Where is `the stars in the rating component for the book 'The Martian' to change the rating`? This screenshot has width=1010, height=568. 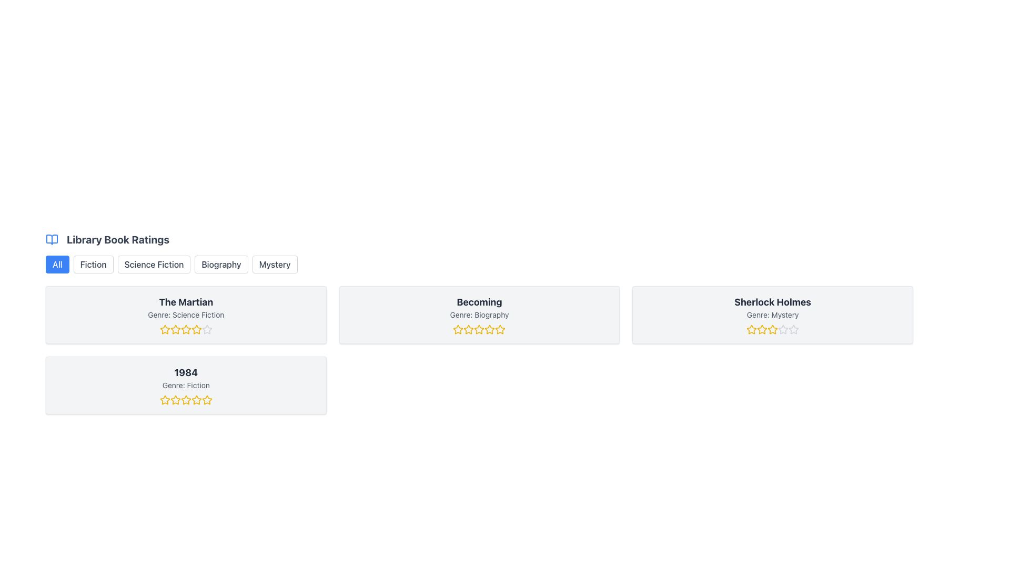
the stars in the rating component for the book 'The Martian' to change the rating is located at coordinates (186, 329).